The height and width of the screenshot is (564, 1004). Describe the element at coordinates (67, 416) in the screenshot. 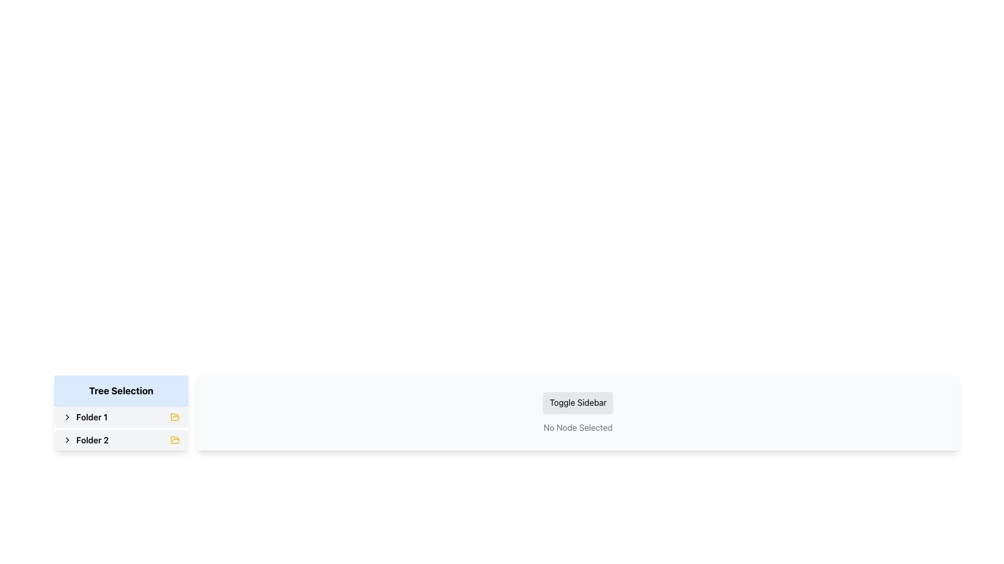

I see `the small triangular arrow icon pointing to the right, styled in a dark borderless design, located to the left of the text 'Folder 1'` at that location.